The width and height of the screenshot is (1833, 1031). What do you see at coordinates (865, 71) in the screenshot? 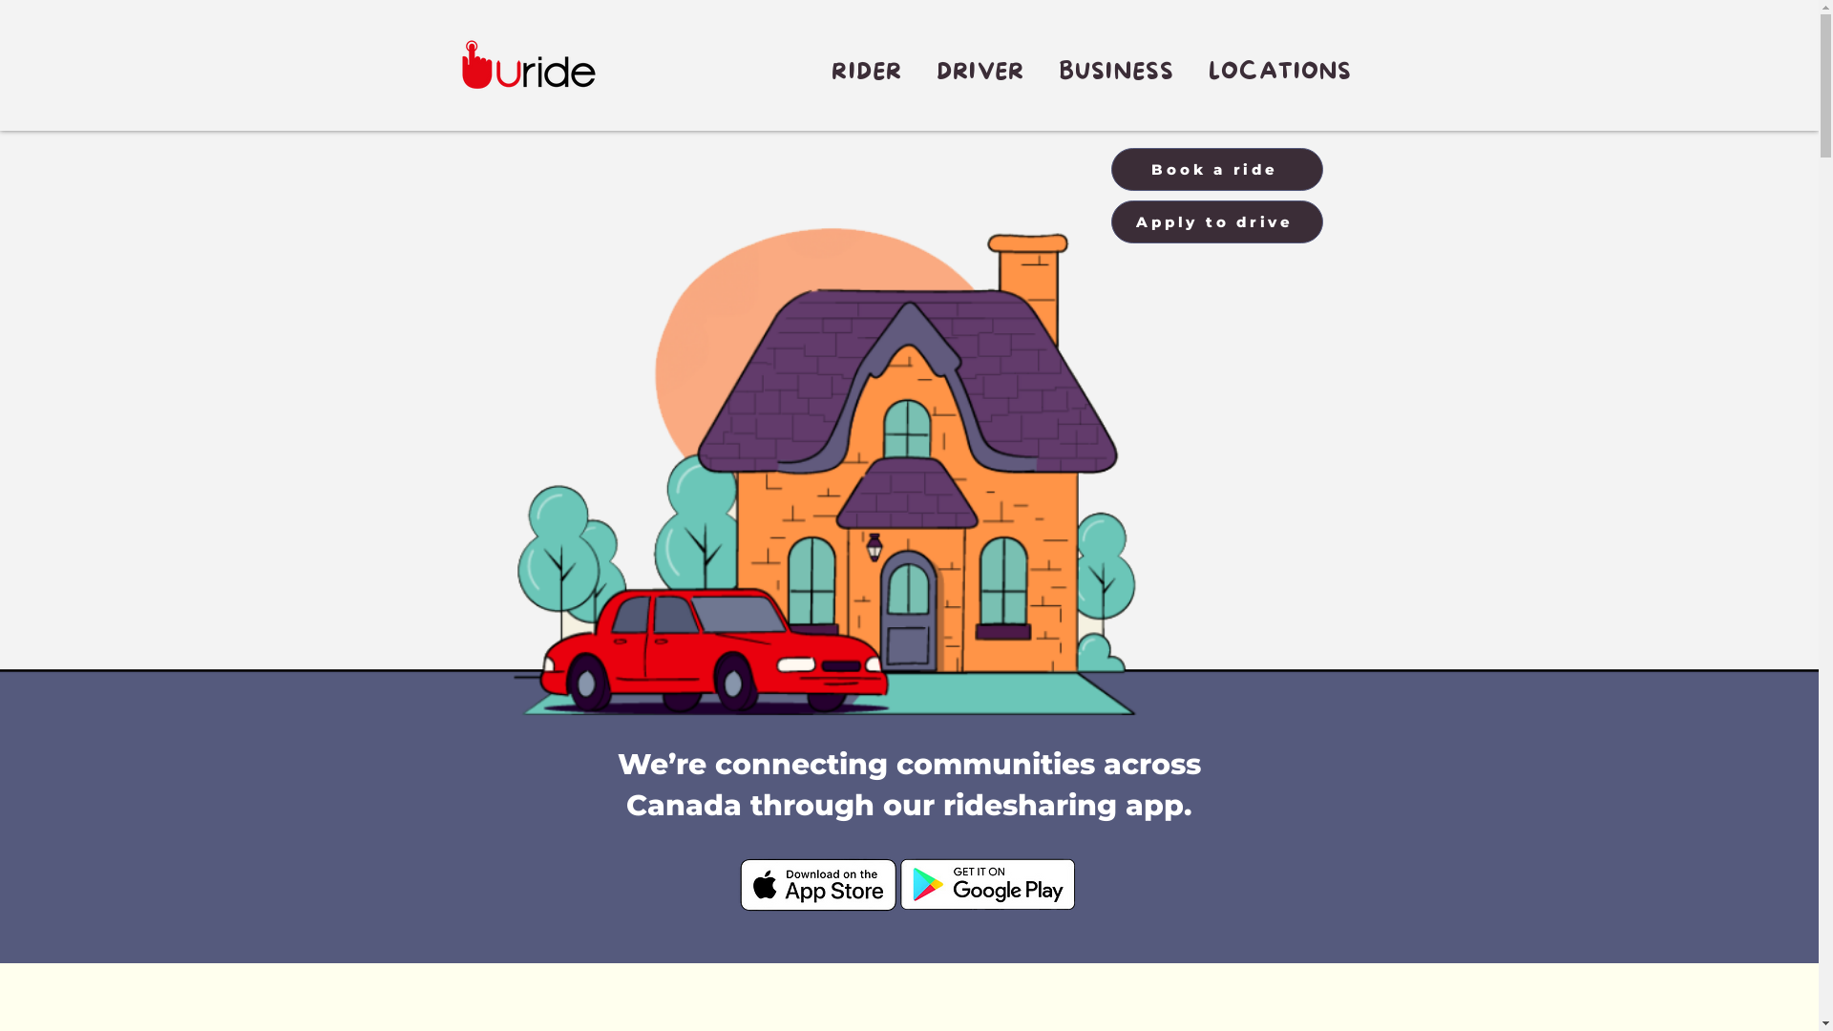
I see `'RIDER'` at bounding box center [865, 71].